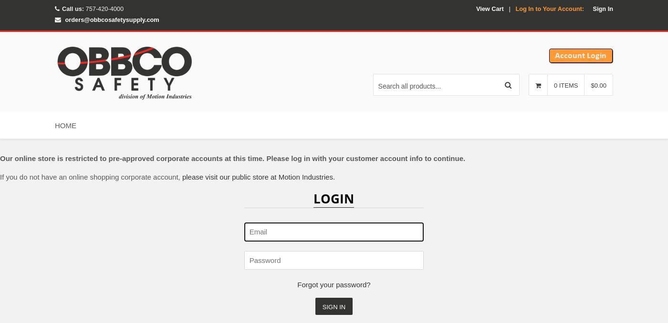 The width and height of the screenshot is (668, 323). What do you see at coordinates (0, 158) in the screenshot?
I see `'Our online store is restricted to pre-approved corporate accounts at this time. Please log in with your customer account info to continue.'` at bounding box center [0, 158].